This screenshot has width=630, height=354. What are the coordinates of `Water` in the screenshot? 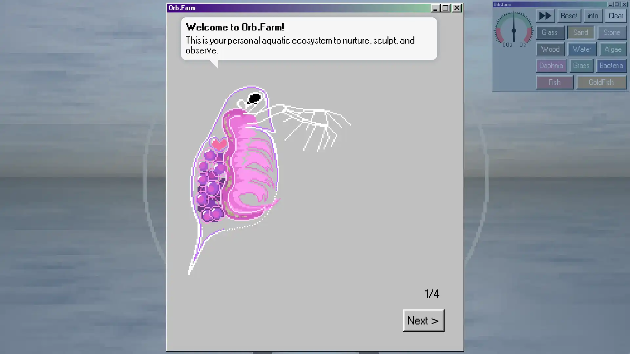 It's located at (310, 26).